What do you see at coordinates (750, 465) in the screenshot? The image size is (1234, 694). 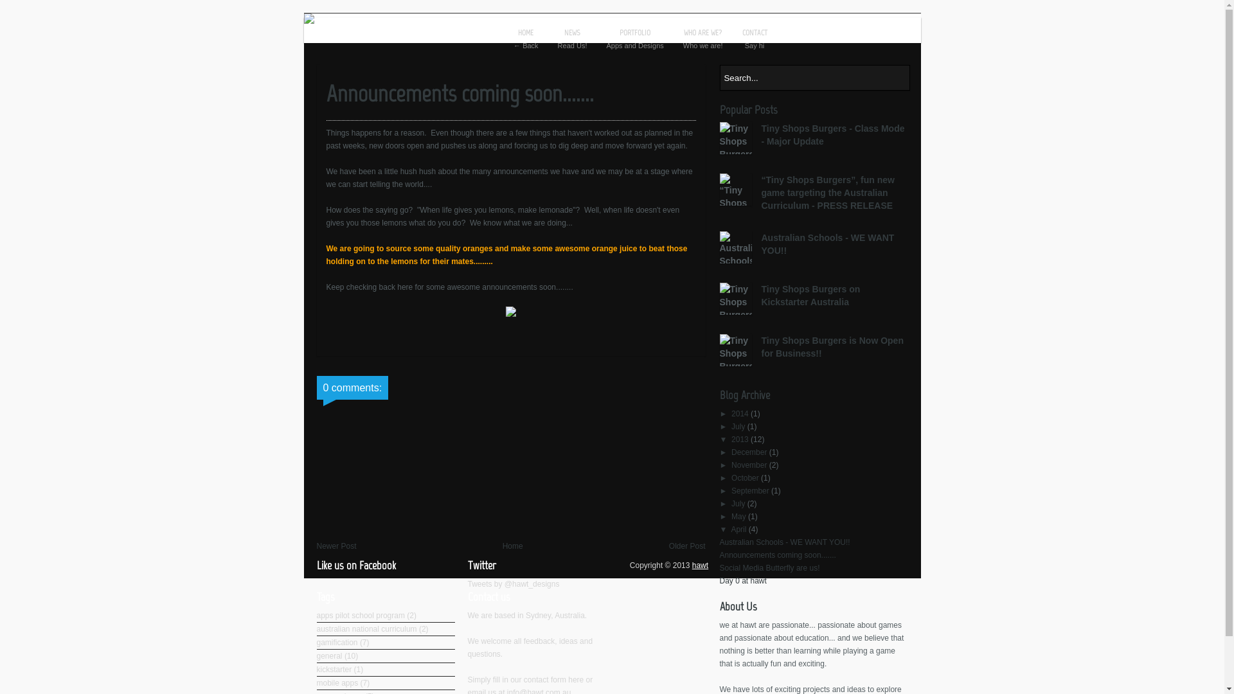 I see `'November'` at bounding box center [750, 465].